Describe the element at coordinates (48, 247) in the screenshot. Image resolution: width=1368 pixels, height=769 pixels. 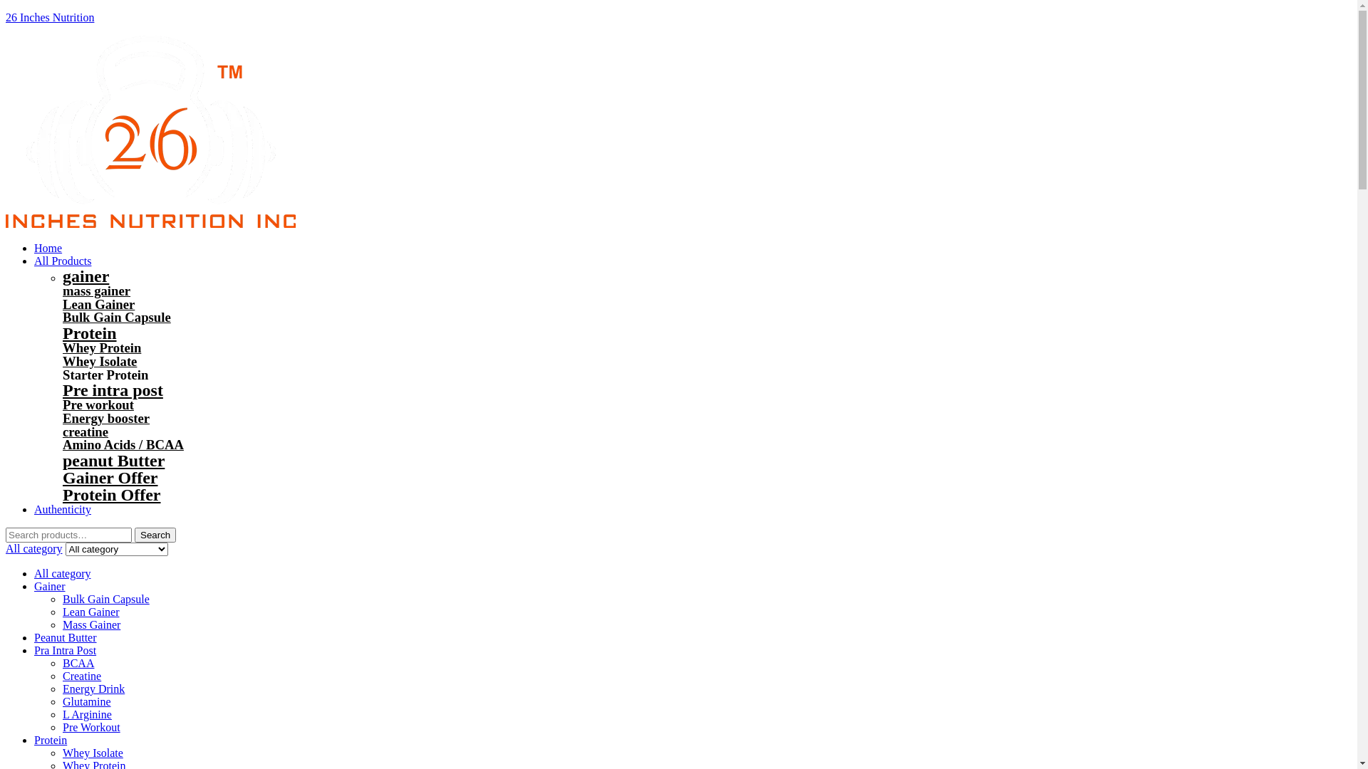
I see `'Home'` at that location.